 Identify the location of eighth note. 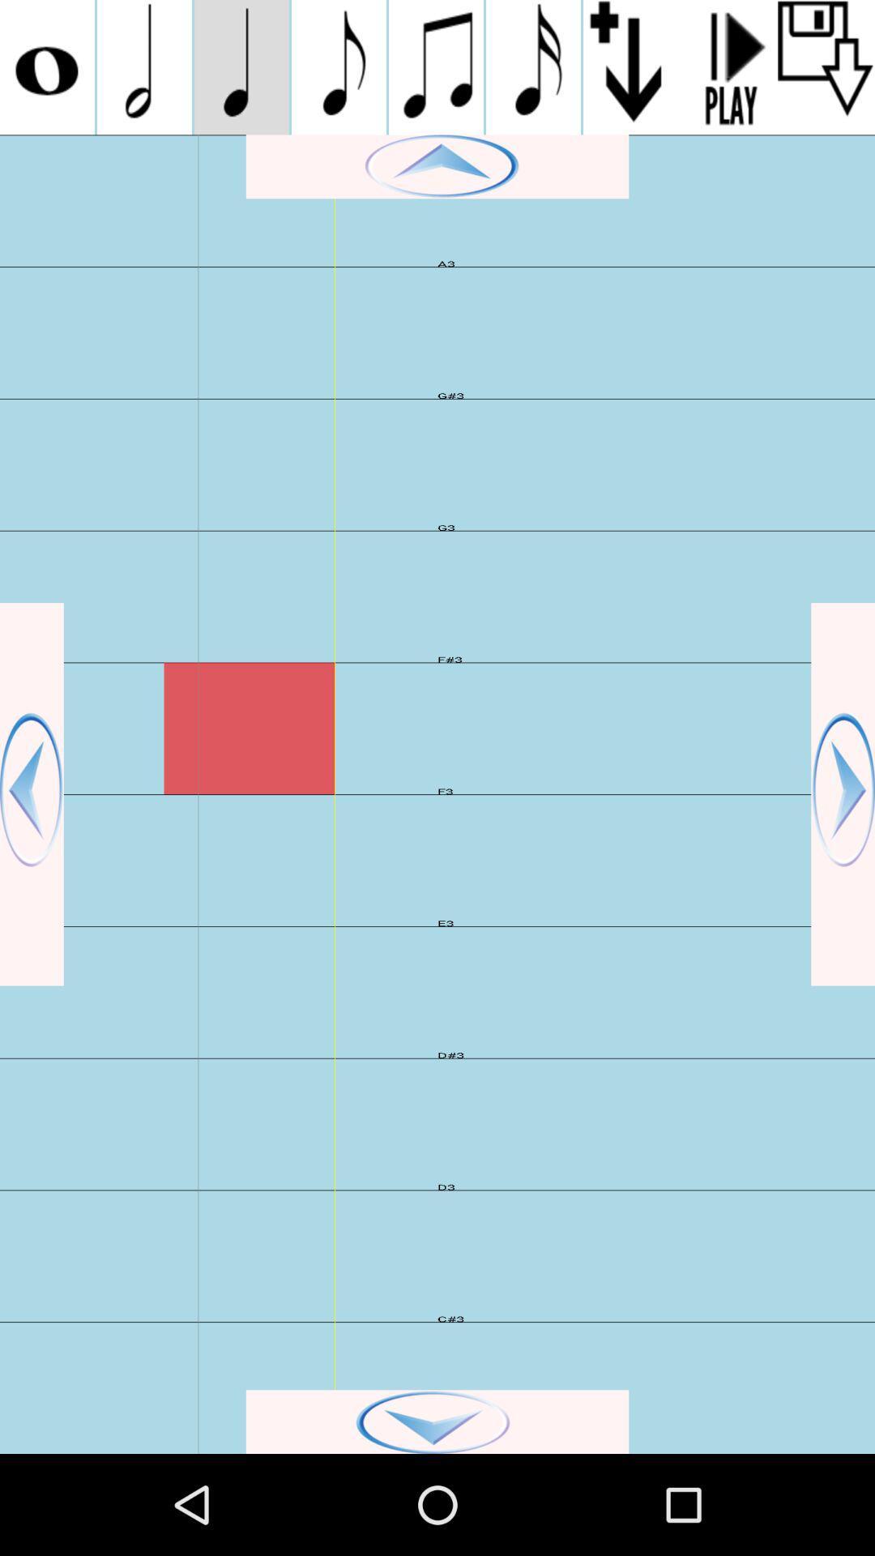
(338, 66).